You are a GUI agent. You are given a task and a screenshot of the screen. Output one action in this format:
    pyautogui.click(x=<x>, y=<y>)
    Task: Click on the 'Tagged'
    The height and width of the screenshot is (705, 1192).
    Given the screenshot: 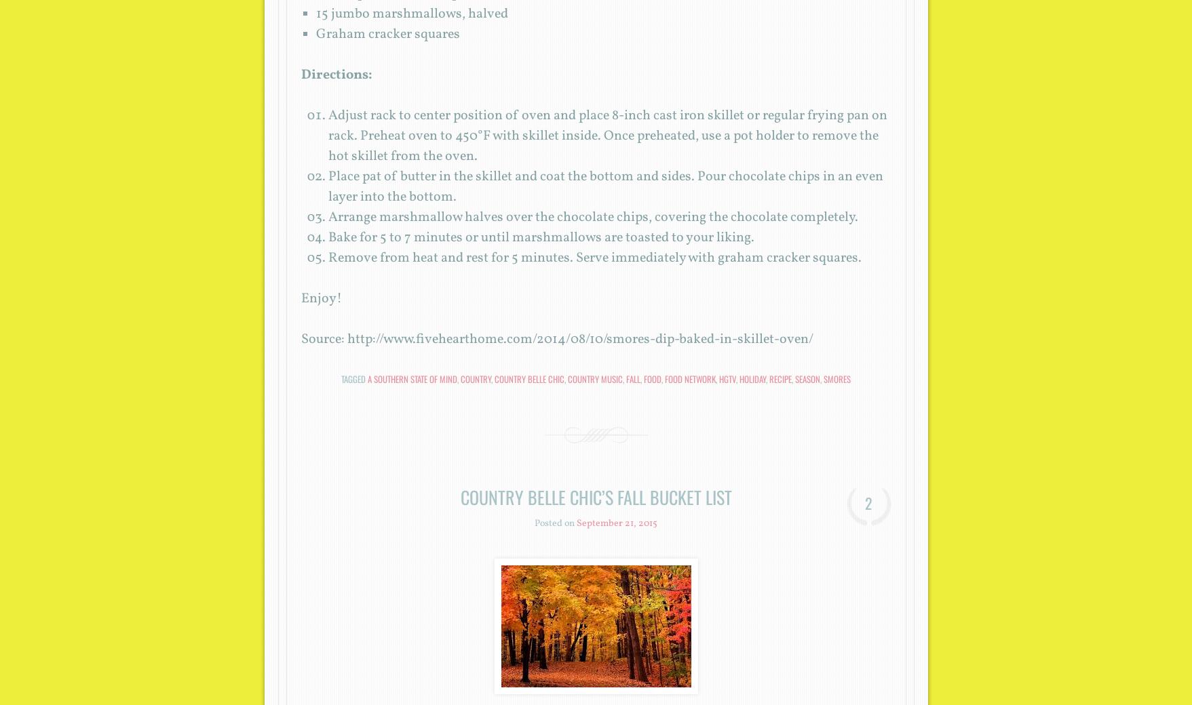 What is the action you would take?
    pyautogui.click(x=354, y=378)
    